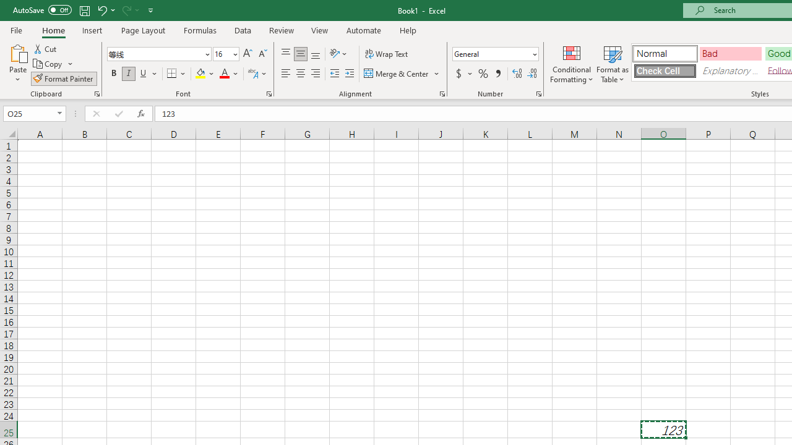  I want to click on 'Name Box', so click(29, 113).